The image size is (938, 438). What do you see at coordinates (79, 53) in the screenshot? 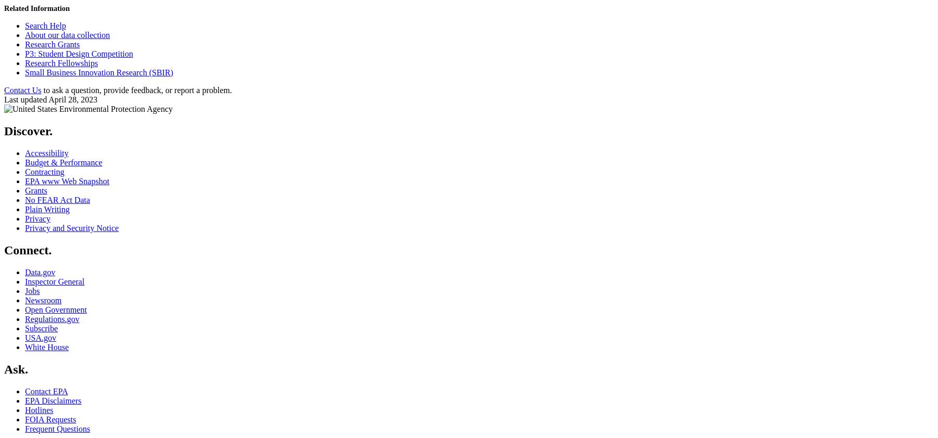
I see `'P3: Student Design Competition'` at bounding box center [79, 53].